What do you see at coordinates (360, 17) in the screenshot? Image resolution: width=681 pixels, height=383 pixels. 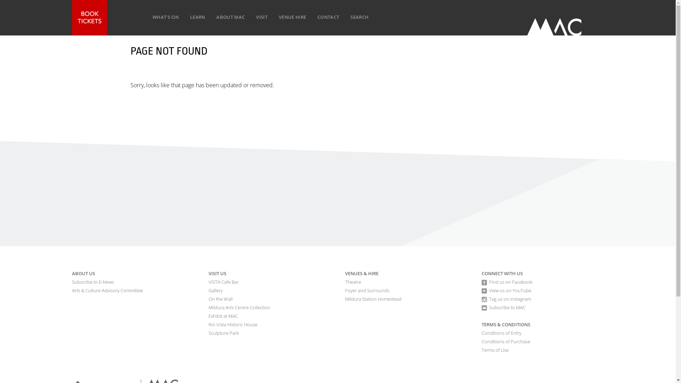 I see `'SEARCH'` at bounding box center [360, 17].